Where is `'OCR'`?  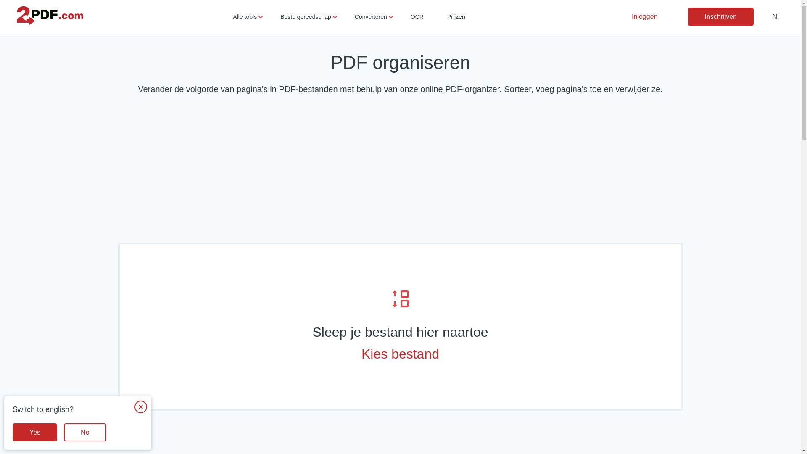 'OCR' is located at coordinates (417, 16).